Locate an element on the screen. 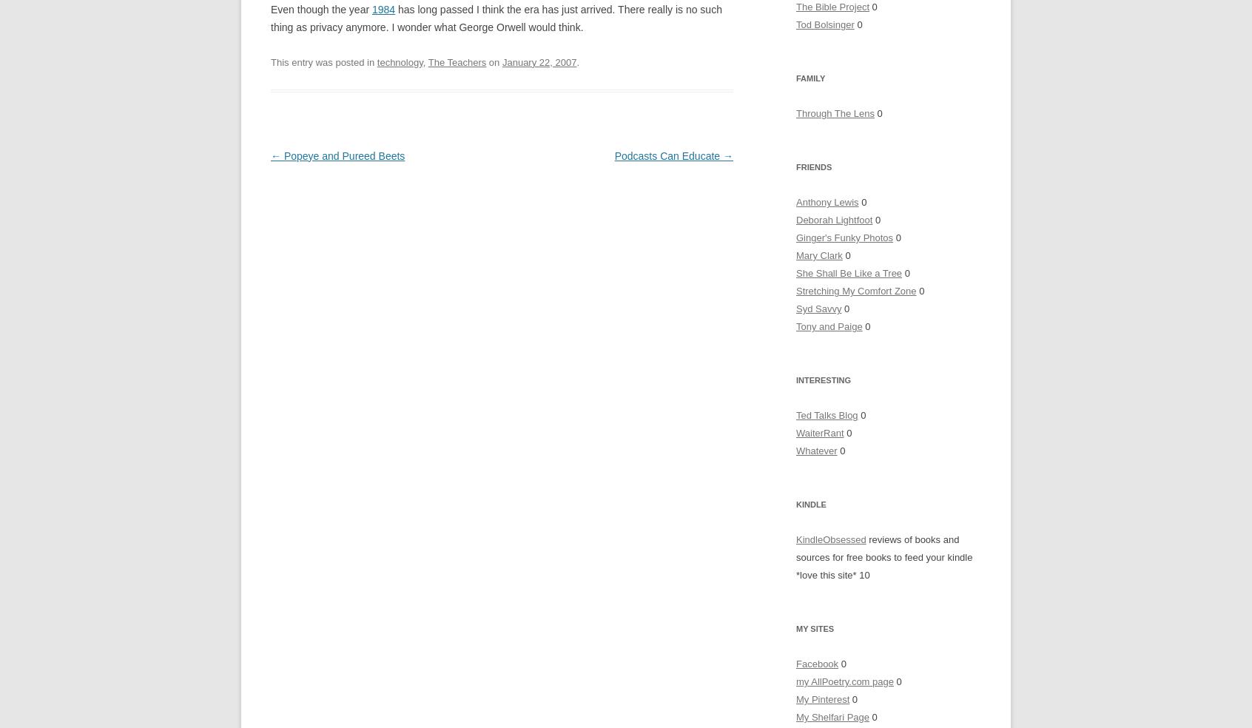  'She Shall Be Like a Tree' is located at coordinates (795, 272).